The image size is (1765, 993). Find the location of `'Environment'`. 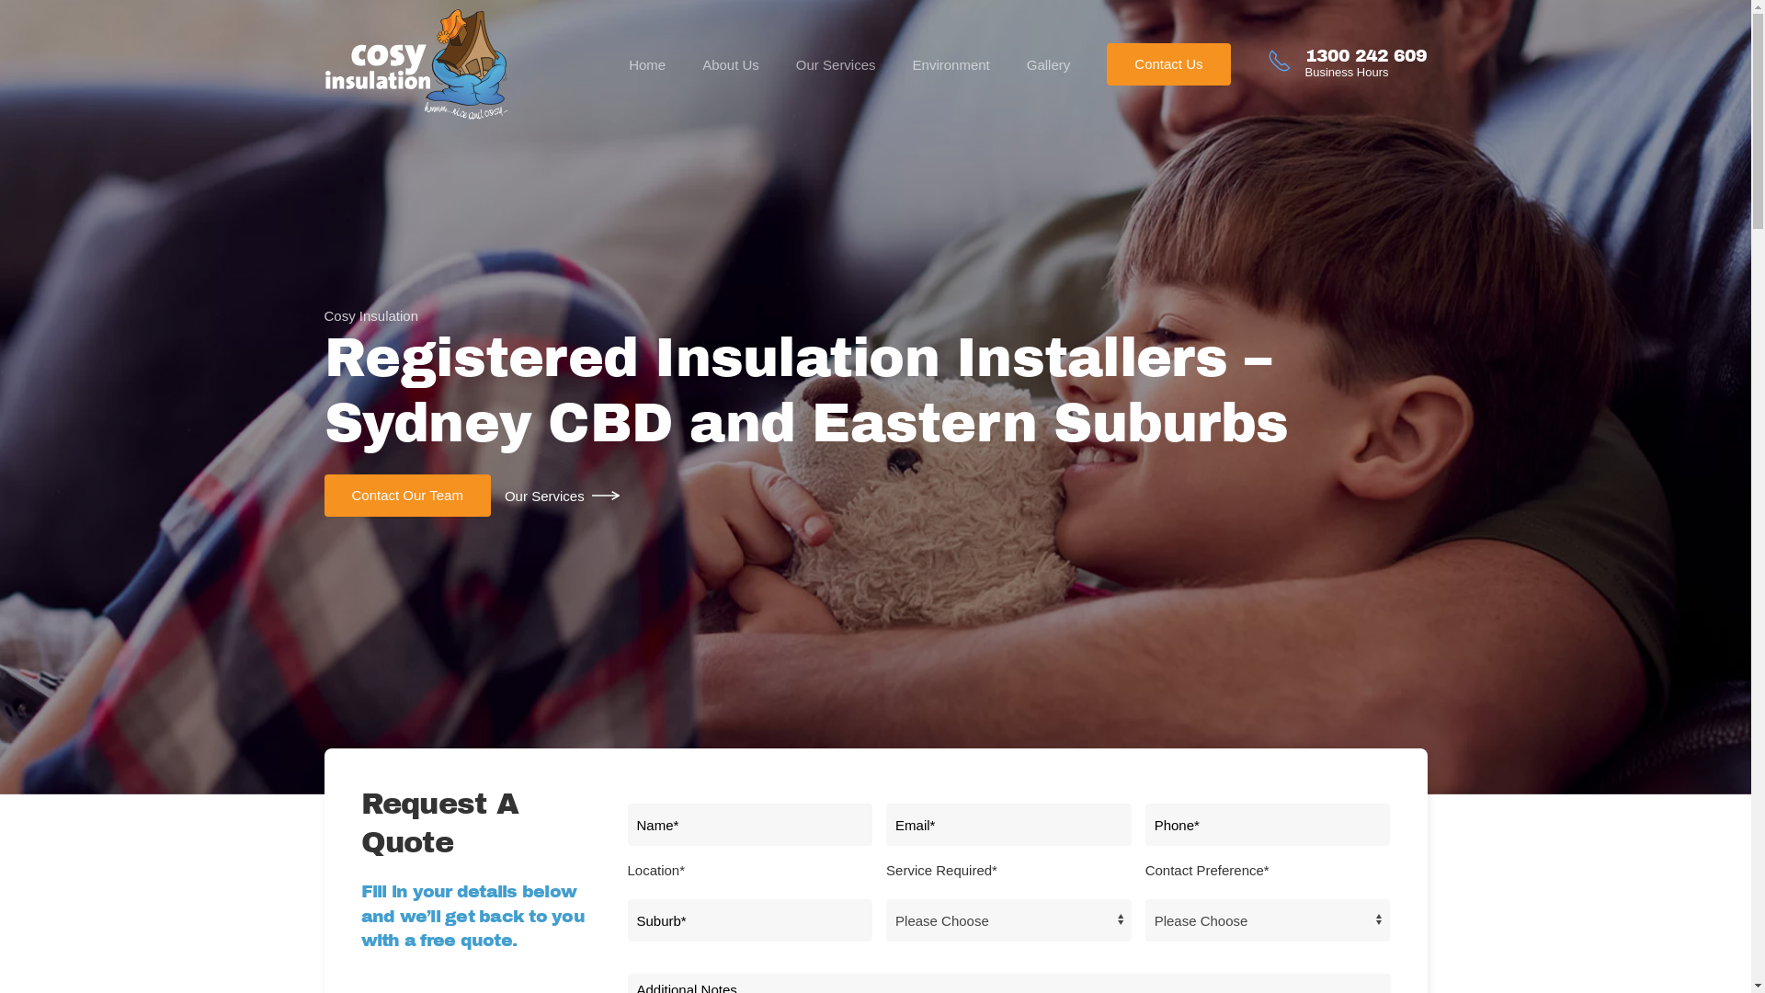

'Environment' is located at coordinates (951, 63).